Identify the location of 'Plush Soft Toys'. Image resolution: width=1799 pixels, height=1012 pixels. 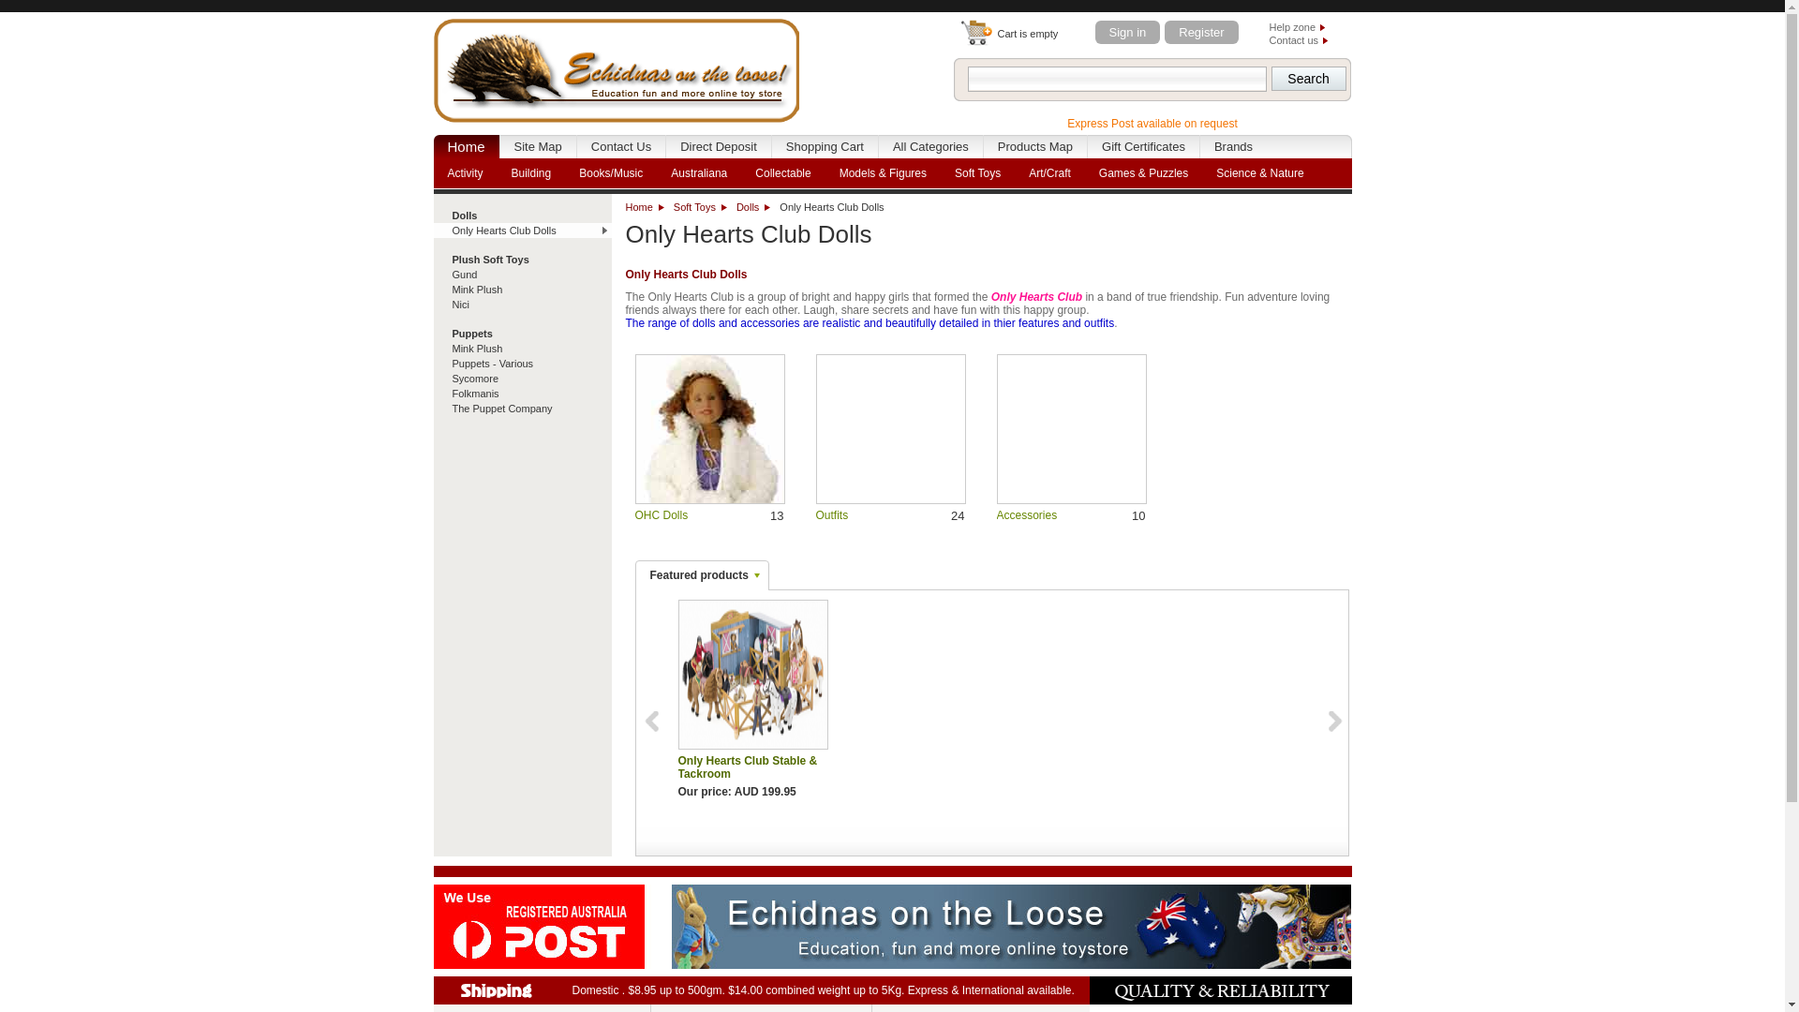
(521, 260).